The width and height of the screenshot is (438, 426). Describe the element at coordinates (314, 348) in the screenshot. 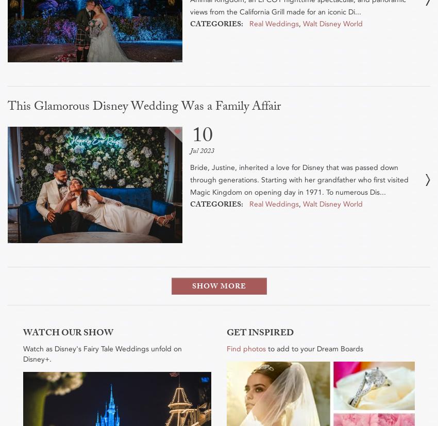

I see `'to add to your Dream Boards'` at that location.